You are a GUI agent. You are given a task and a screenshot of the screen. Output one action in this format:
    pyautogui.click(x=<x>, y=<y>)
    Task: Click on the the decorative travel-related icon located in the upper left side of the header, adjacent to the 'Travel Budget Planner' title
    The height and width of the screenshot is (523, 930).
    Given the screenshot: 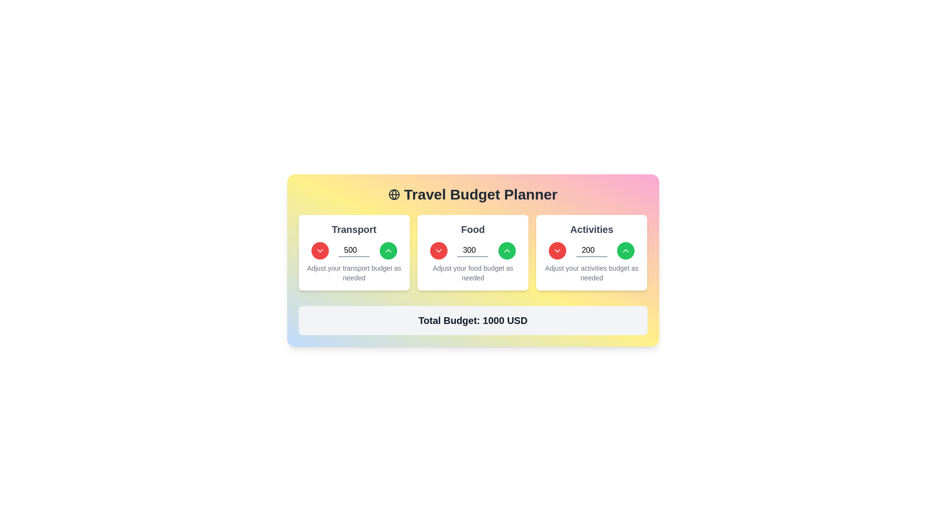 What is the action you would take?
    pyautogui.click(x=394, y=194)
    